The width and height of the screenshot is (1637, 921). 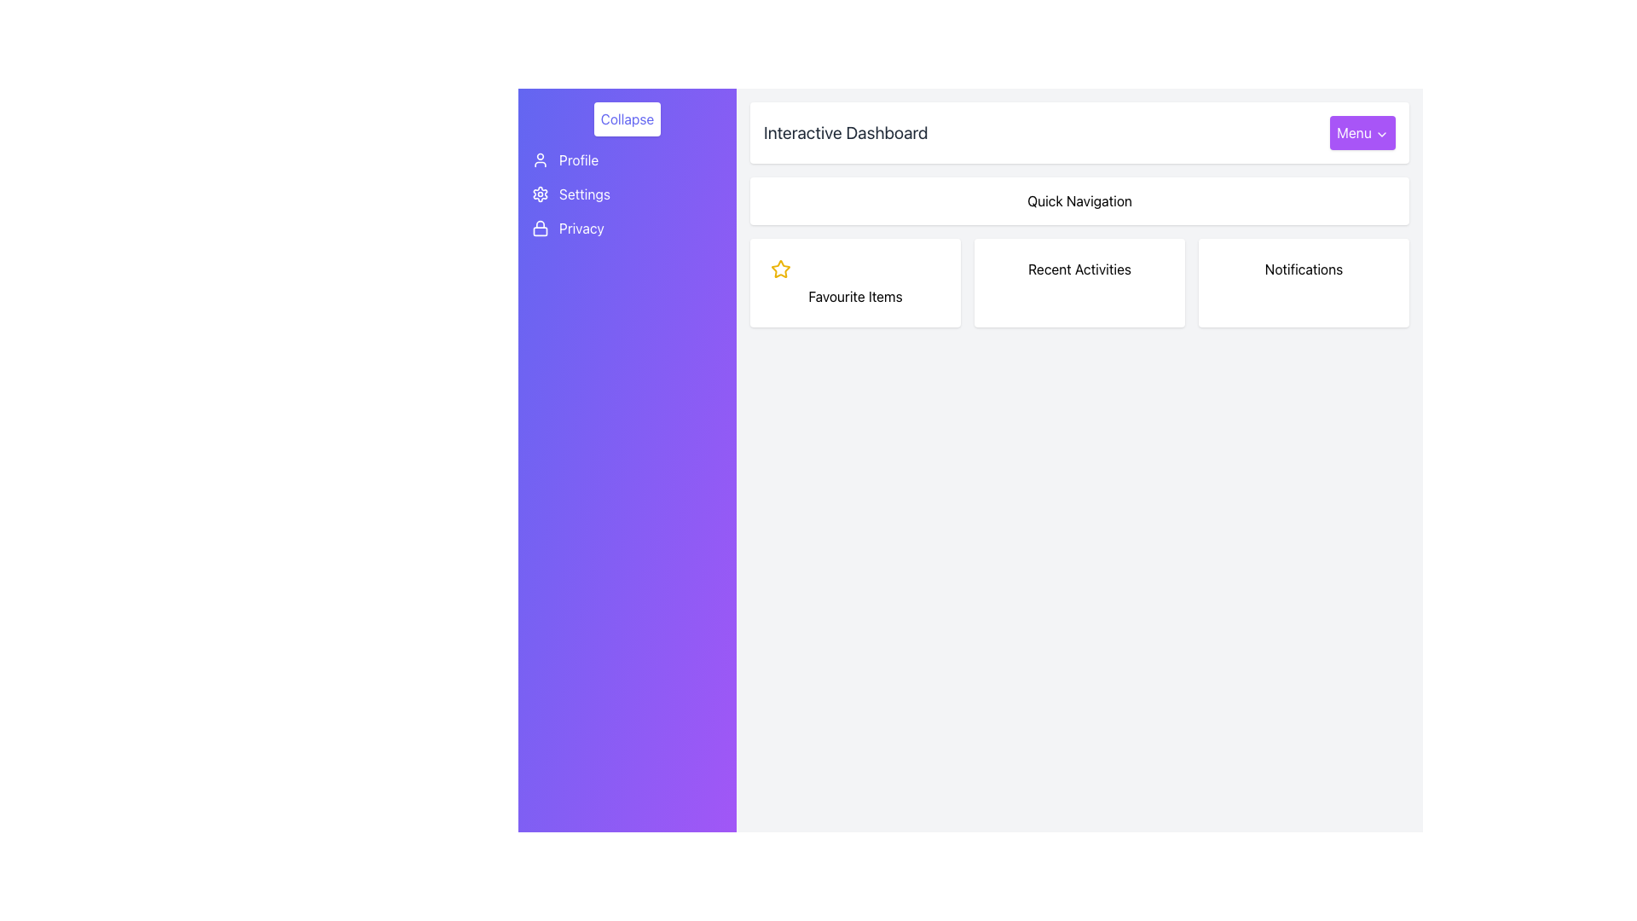 What do you see at coordinates (626, 193) in the screenshot?
I see `the 'Settings' text label` at bounding box center [626, 193].